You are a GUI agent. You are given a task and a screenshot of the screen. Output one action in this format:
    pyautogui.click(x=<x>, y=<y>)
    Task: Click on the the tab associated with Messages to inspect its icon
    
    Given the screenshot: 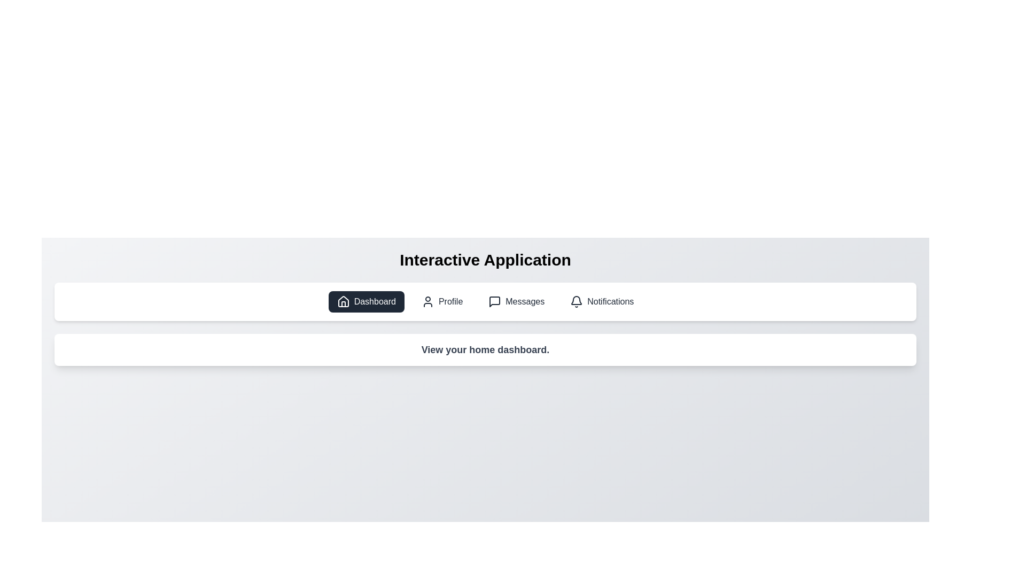 What is the action you would take?
    pyautogui.click(x=516, y=301)
    